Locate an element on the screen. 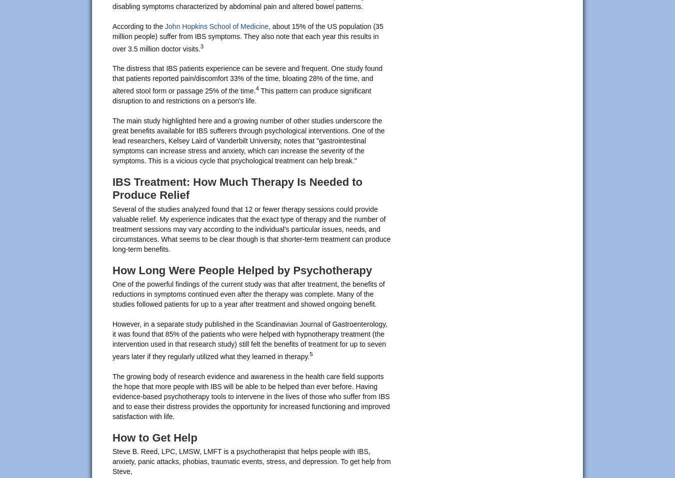  'This pattern can produce significant disruption to and restrictions on a person's life.' is located at coordinates (241, 95).